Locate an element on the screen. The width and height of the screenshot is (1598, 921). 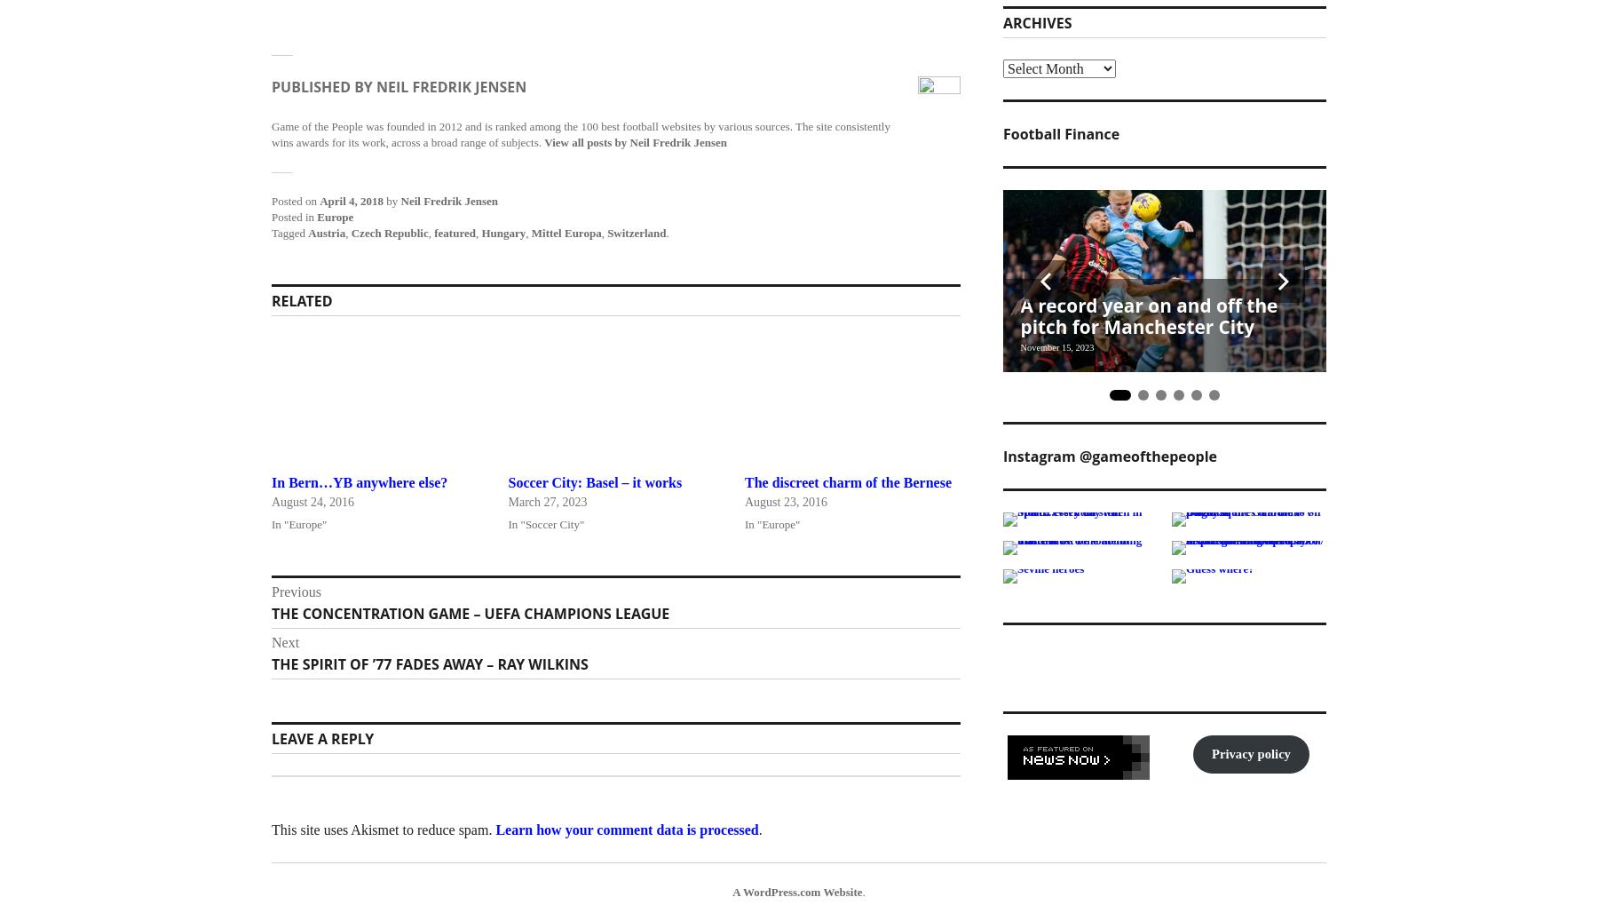
'Switzerland' is located at coordinates (635, 232).